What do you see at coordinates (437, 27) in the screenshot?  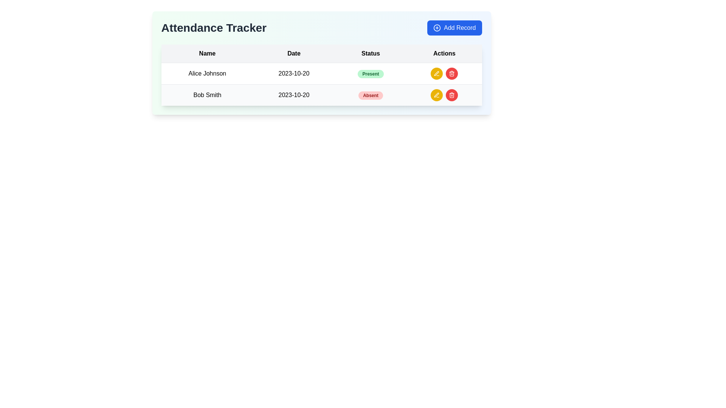 I see `the icon representing the addition of a record, located` at bounding box center [437, 27].